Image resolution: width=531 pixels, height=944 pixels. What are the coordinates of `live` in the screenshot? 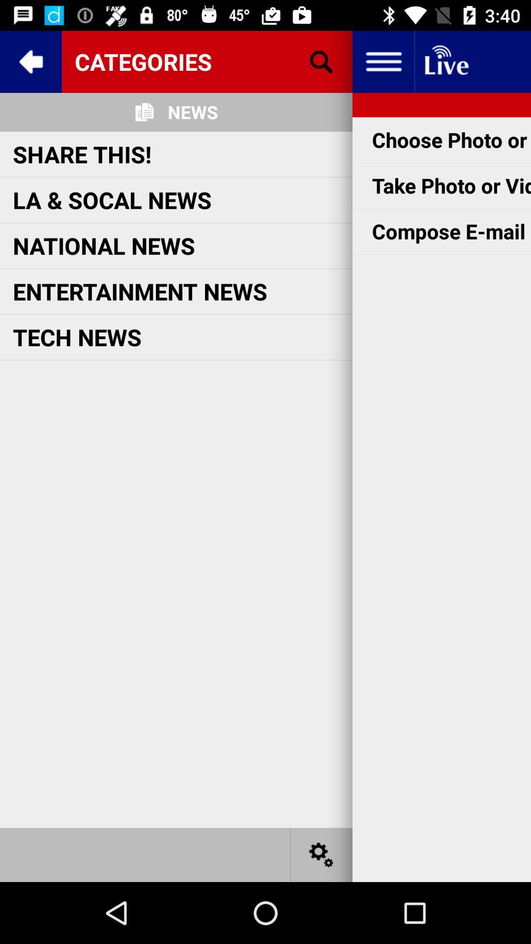 It's located at (445, 61).